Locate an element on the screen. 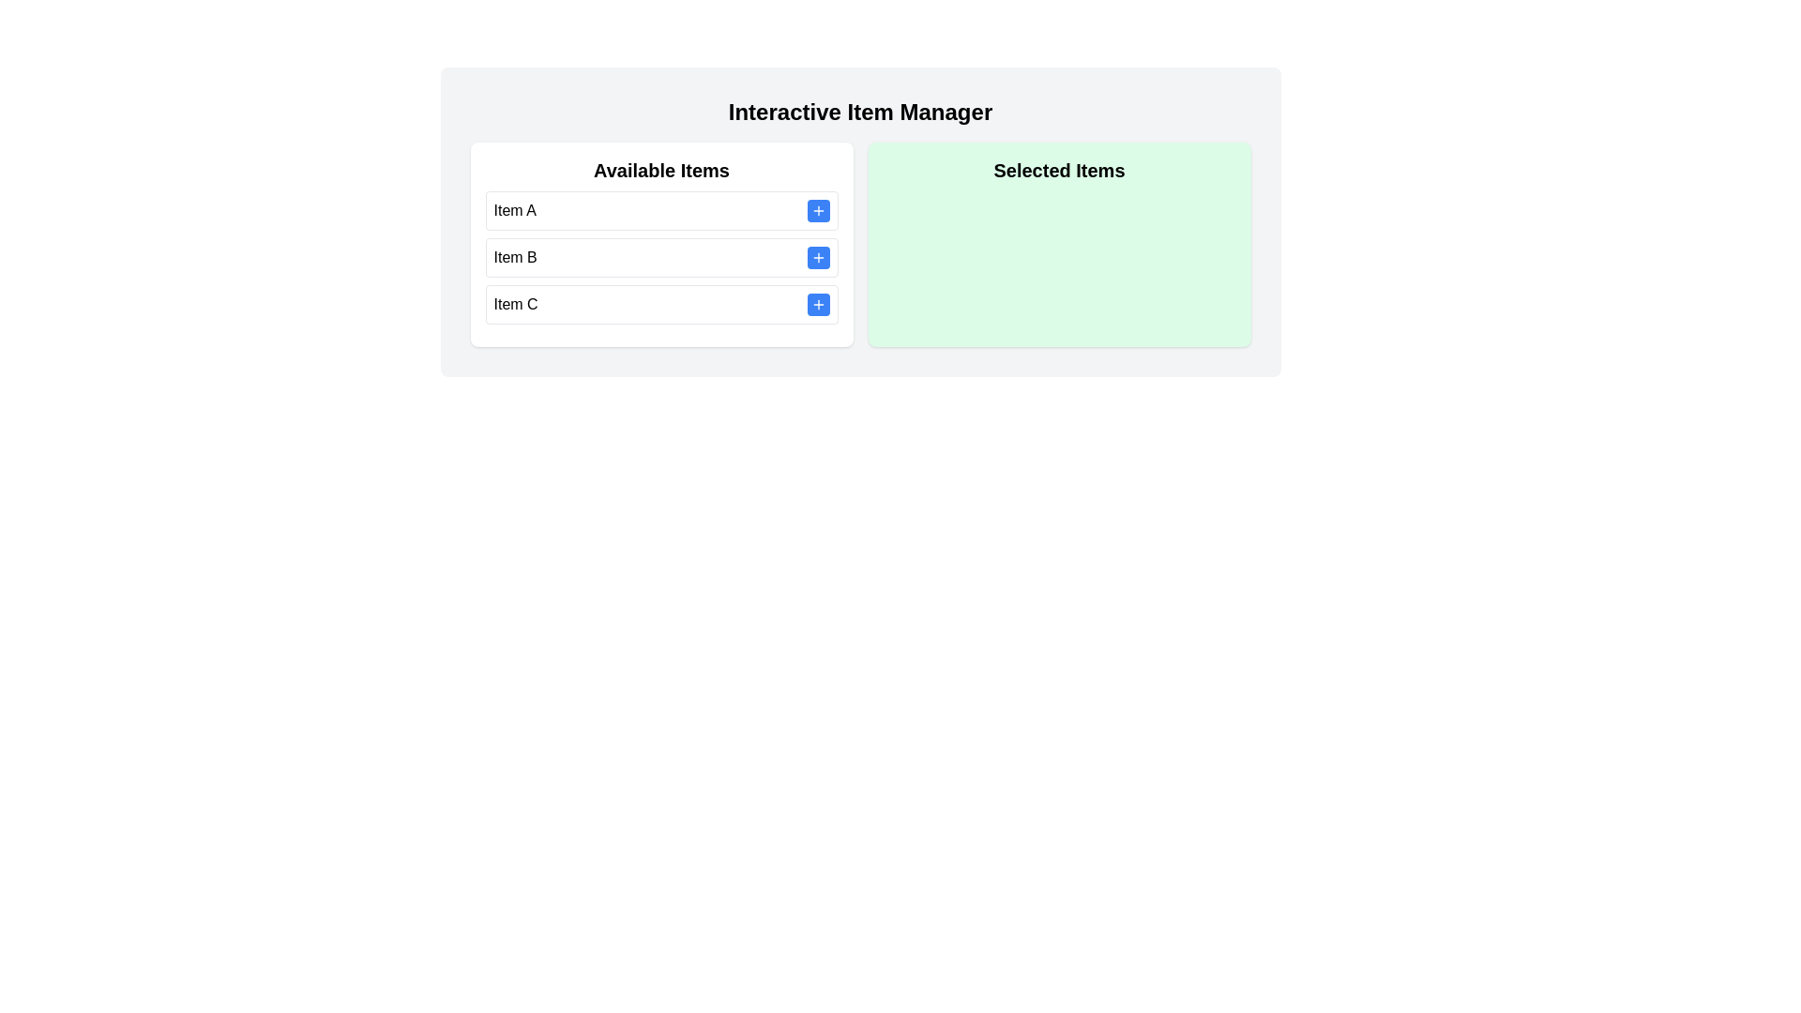  the button that allows users to add 'Item C' to the selected items list, which is the last button aligned with the text labeled 'Item C' in the left column under 'Available Items' is located at coordinates (818, 303).